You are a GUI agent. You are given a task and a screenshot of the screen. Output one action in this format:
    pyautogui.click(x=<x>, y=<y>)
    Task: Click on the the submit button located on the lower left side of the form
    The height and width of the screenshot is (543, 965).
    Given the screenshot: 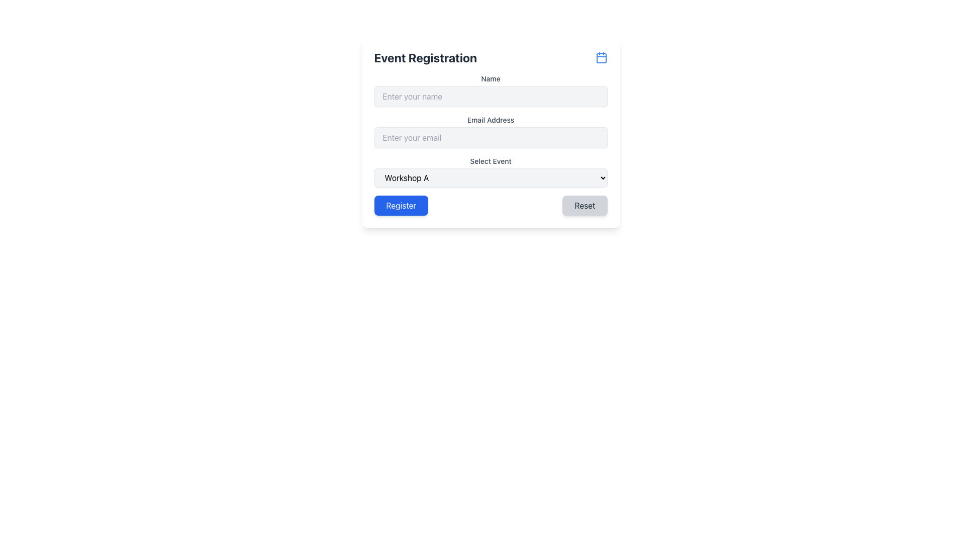 What is the action you would take?
    pyautogui.click(x=401, y=205)
    